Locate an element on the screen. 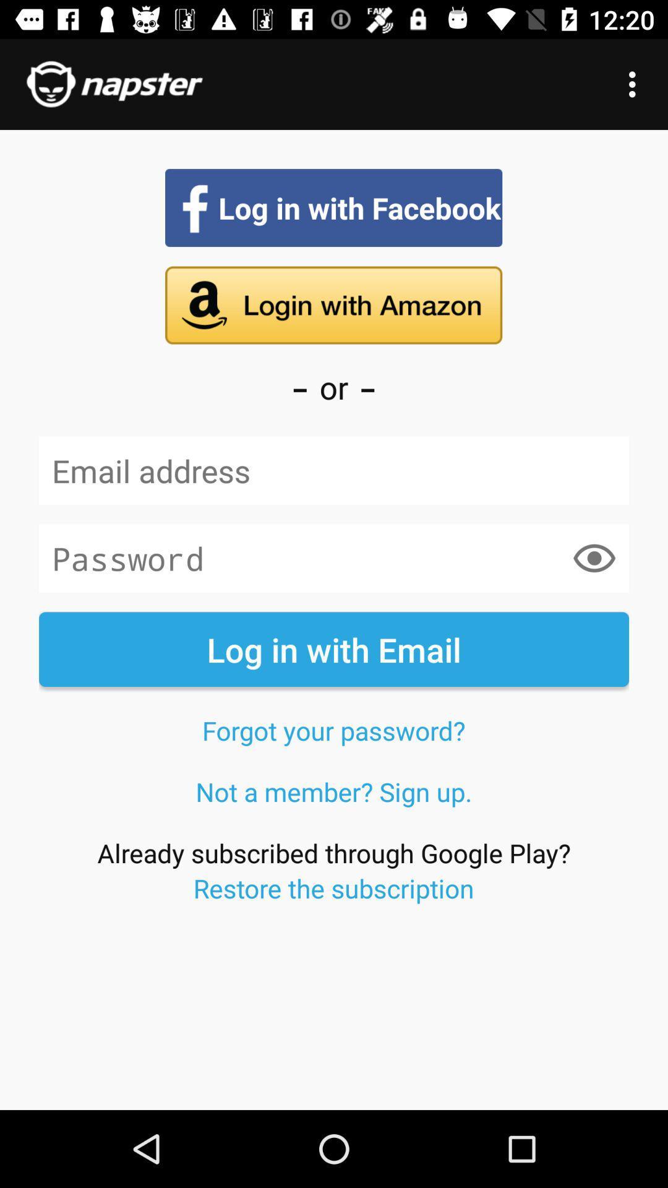  the icon below forgot your password? is located at coordinates (334, 791).